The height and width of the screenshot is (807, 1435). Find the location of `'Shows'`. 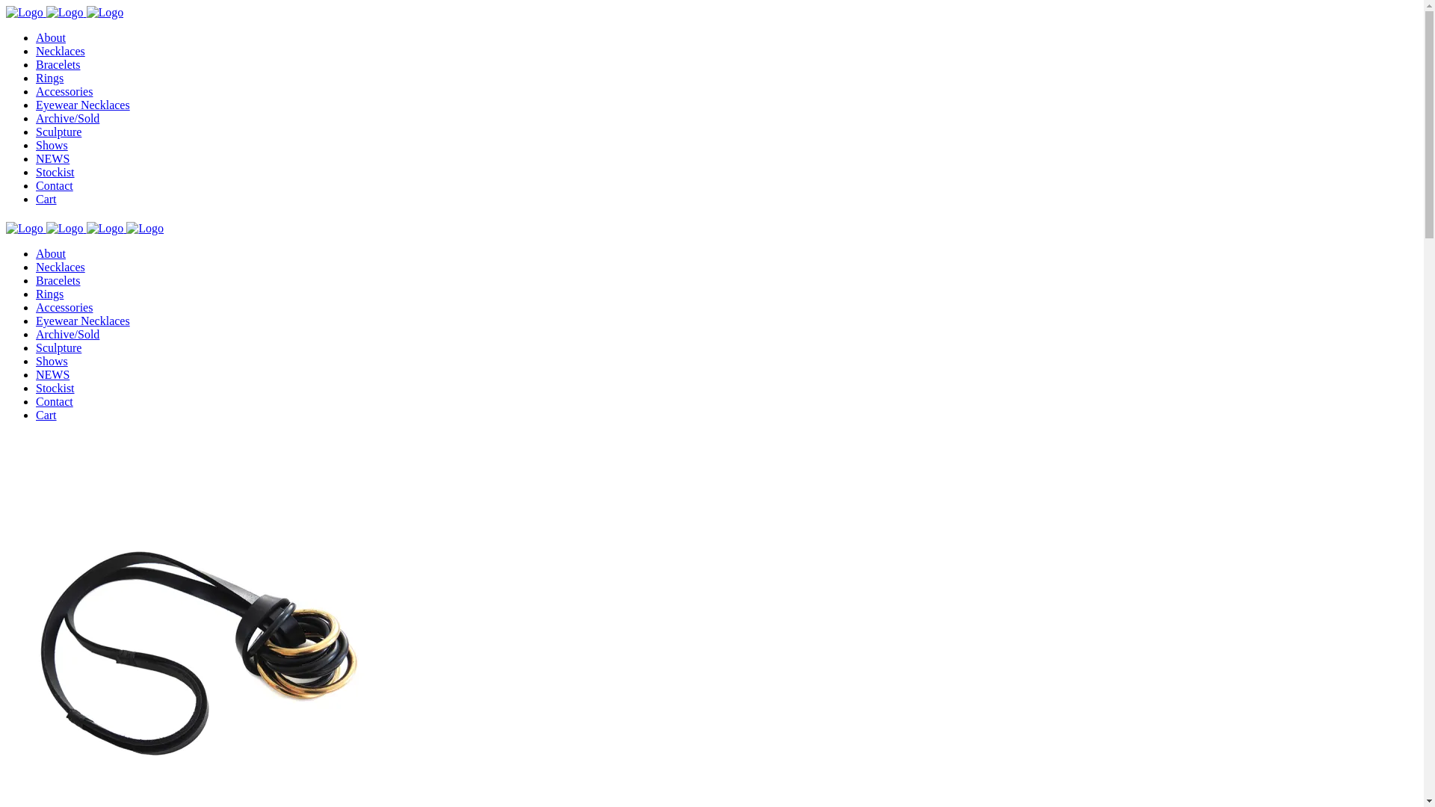

'Shows' is located at coordinates (52, 145).